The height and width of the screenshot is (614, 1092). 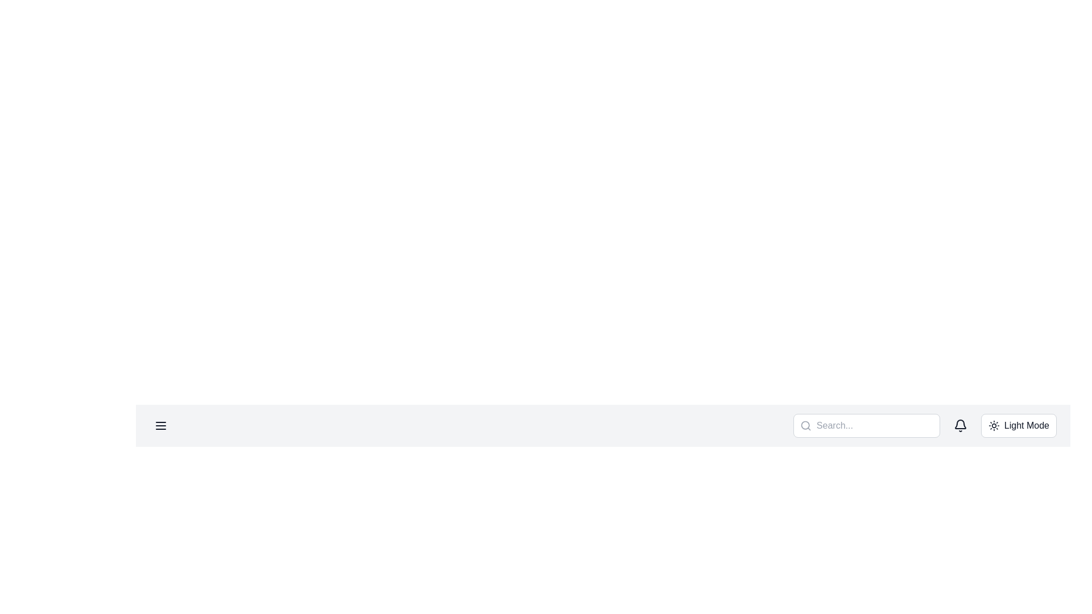 What do you see at coordinates (805, 425) in the screenshot?
I see `the circular graphical icon element with a radius of 8 units, located in the left-middle part of the SVG icon within the search bar` at bounding box center [805, 425].